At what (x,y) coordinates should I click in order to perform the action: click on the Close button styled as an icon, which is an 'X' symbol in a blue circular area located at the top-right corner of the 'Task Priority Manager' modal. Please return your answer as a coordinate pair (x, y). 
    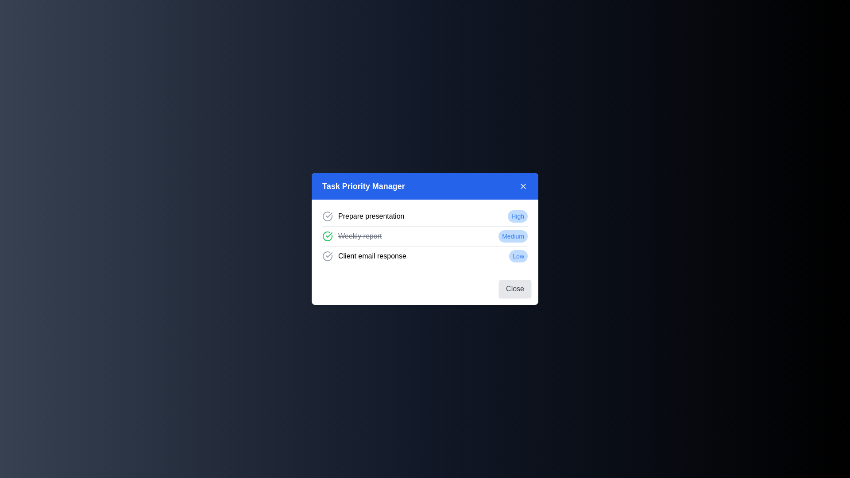
    Looking at the image, I should click on (523, 185).